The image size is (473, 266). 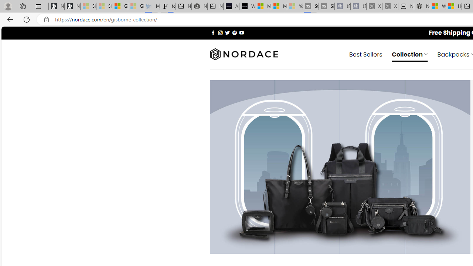 What do you see at coordinates (231, 6) in the screenshot?
I see `'AI Voice Changer for PC and Mac - Voice.ai'` at bounding box center [231, 6].